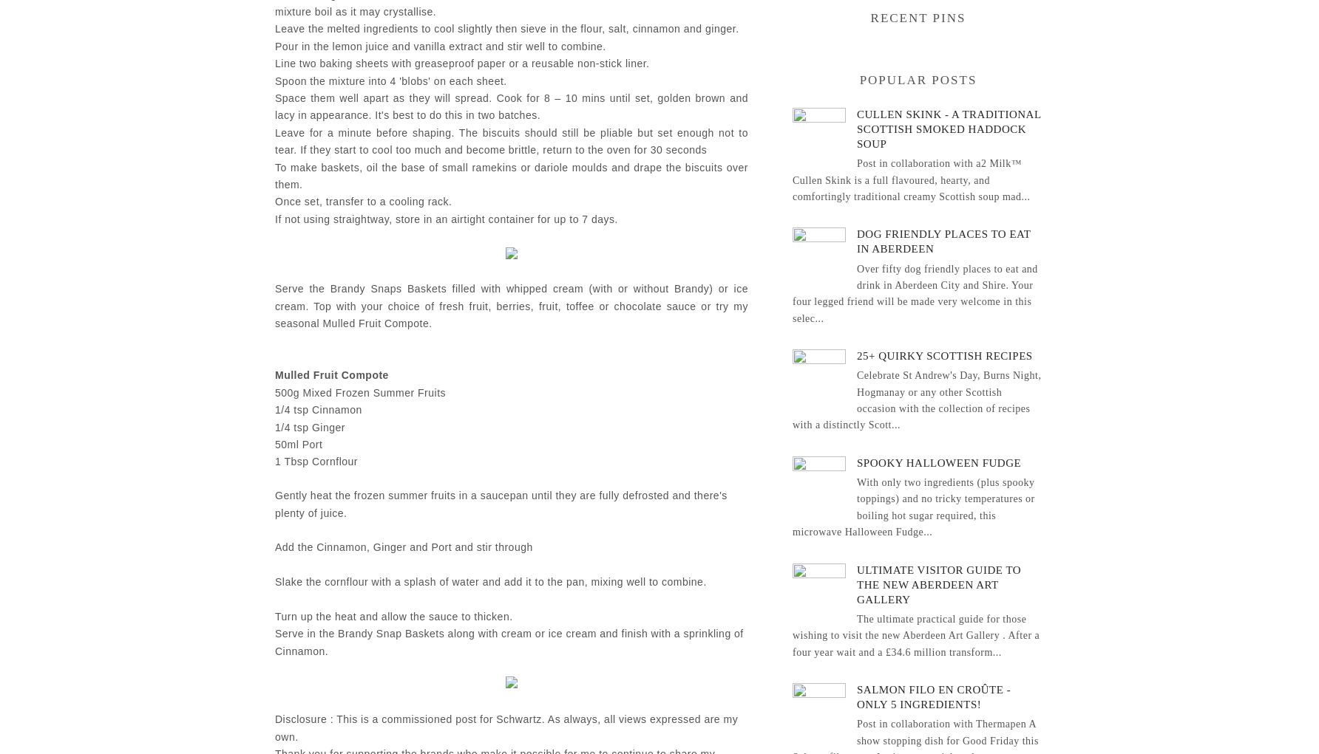 This screenshot has height=754, width=1319. Describe the element at coordinates (938, 462) in the screenshot. I see `'Spooky Halloween Fudge'` at that location.